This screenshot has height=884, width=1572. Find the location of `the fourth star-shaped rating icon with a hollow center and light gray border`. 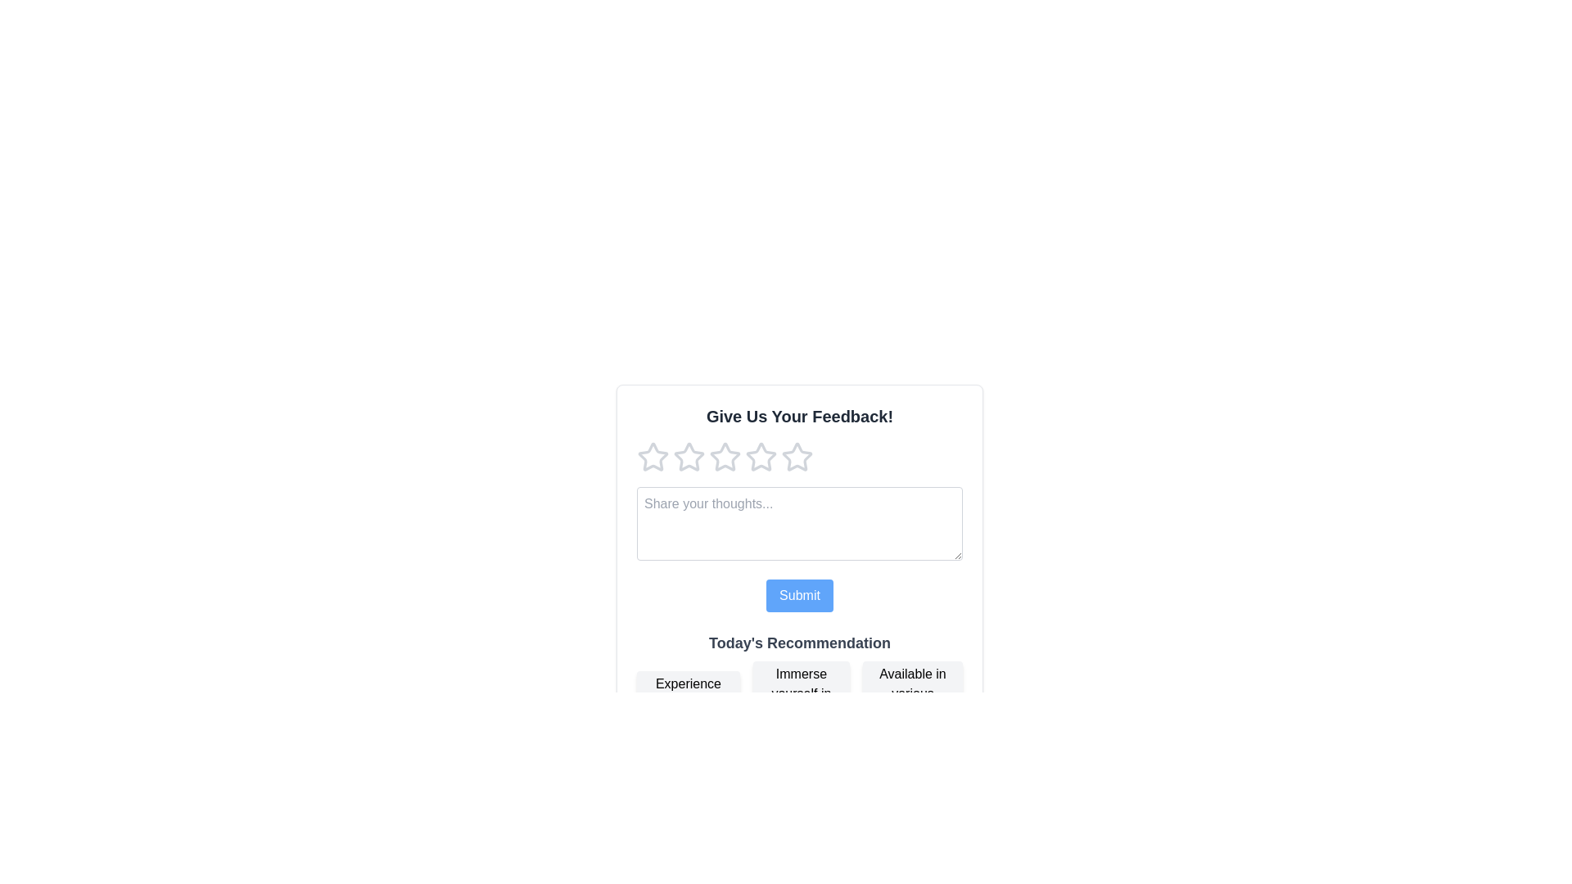

the fourth star-shaped rating icon with a hollow center and light gray border is located at coordinates (725, 458).